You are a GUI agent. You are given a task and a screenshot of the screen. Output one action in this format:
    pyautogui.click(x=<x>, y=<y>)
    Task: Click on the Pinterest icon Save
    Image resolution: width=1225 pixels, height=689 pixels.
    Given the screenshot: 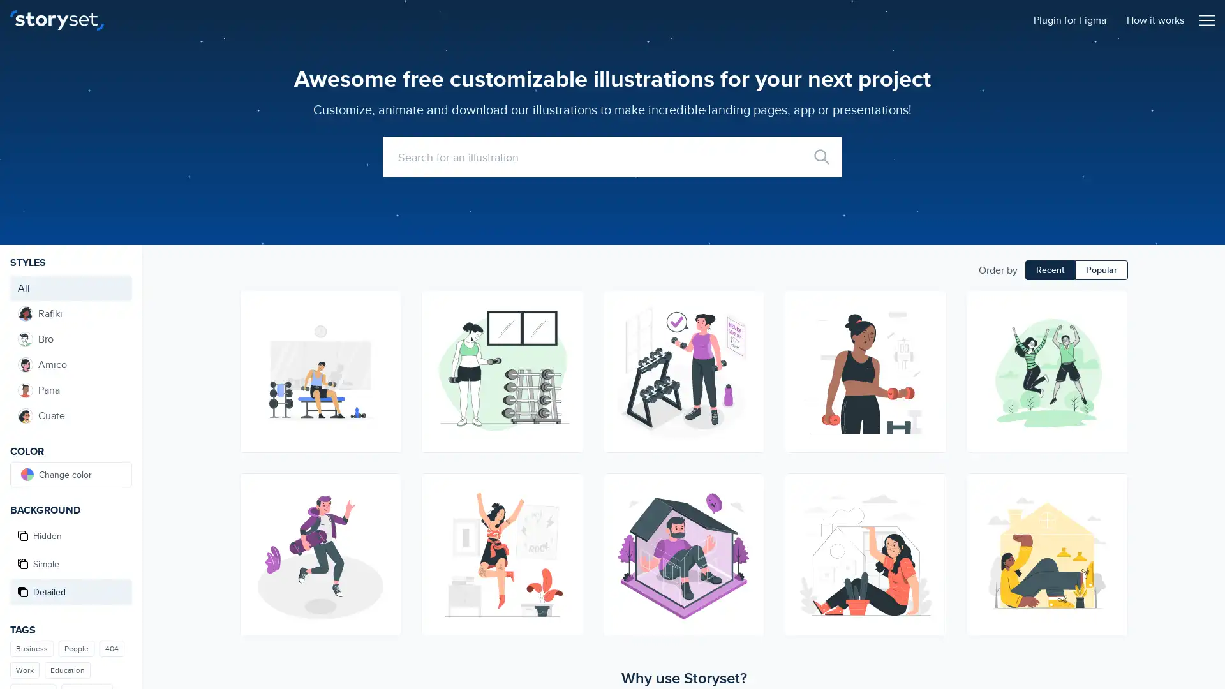 What is the action you would take?
    pyautogui.click(x=1111, y=352)
    